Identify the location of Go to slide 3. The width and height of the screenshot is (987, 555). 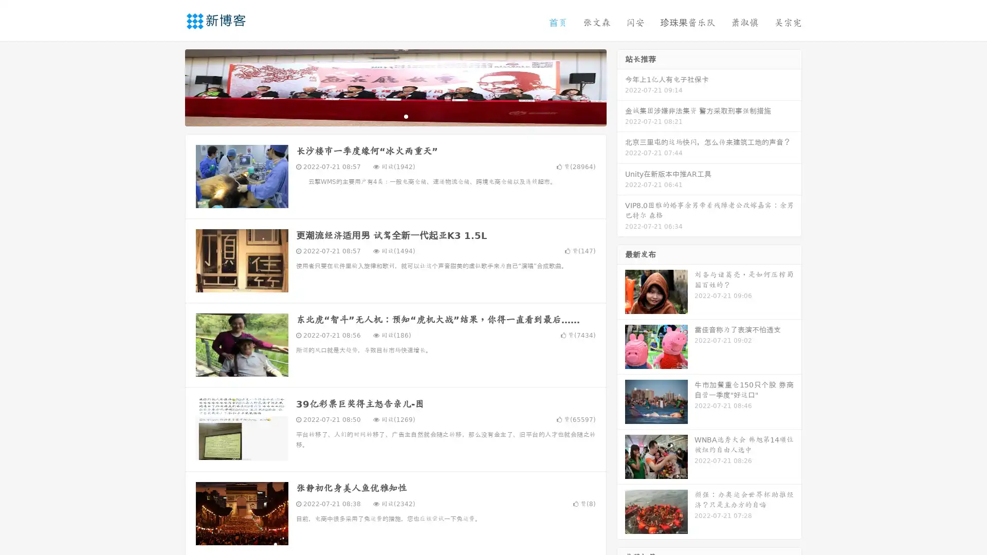
(406, 116).